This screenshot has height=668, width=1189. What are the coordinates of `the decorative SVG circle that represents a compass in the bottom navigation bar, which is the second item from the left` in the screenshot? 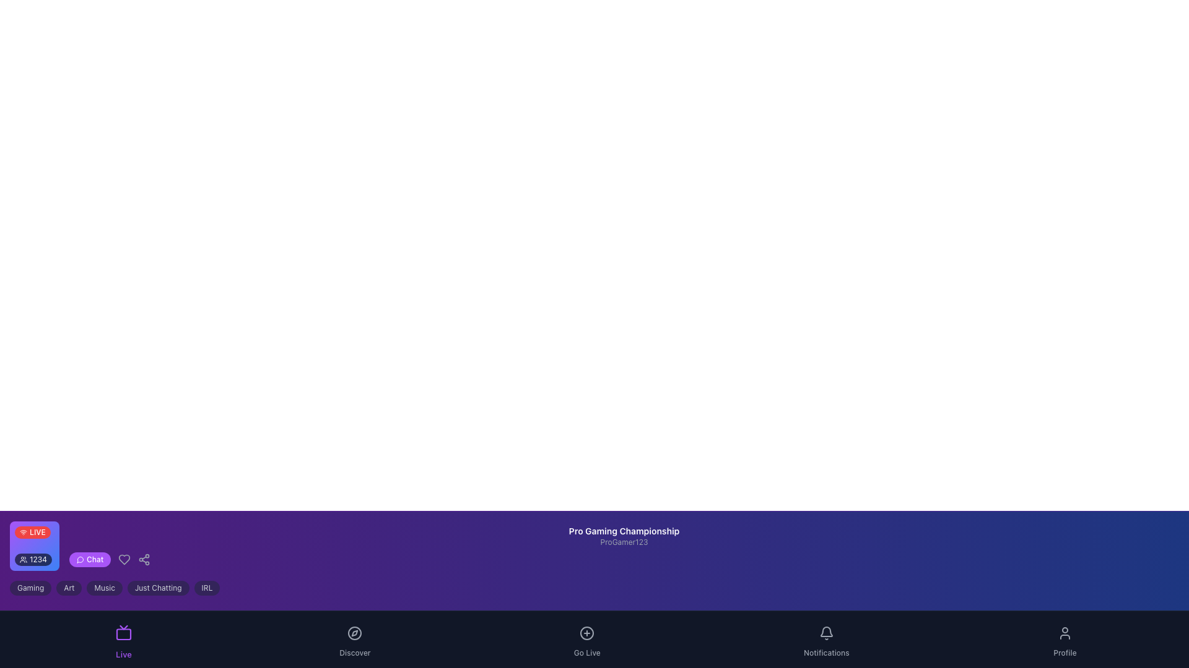 It's located at (354, 633).